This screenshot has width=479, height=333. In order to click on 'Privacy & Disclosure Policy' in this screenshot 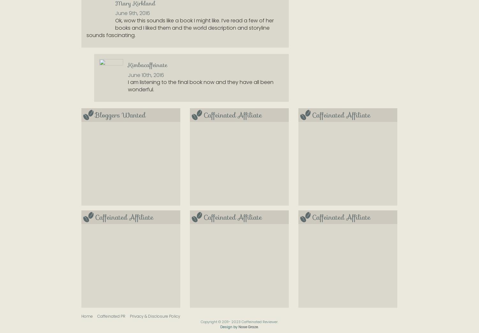, I will do `click(155, 316)`.